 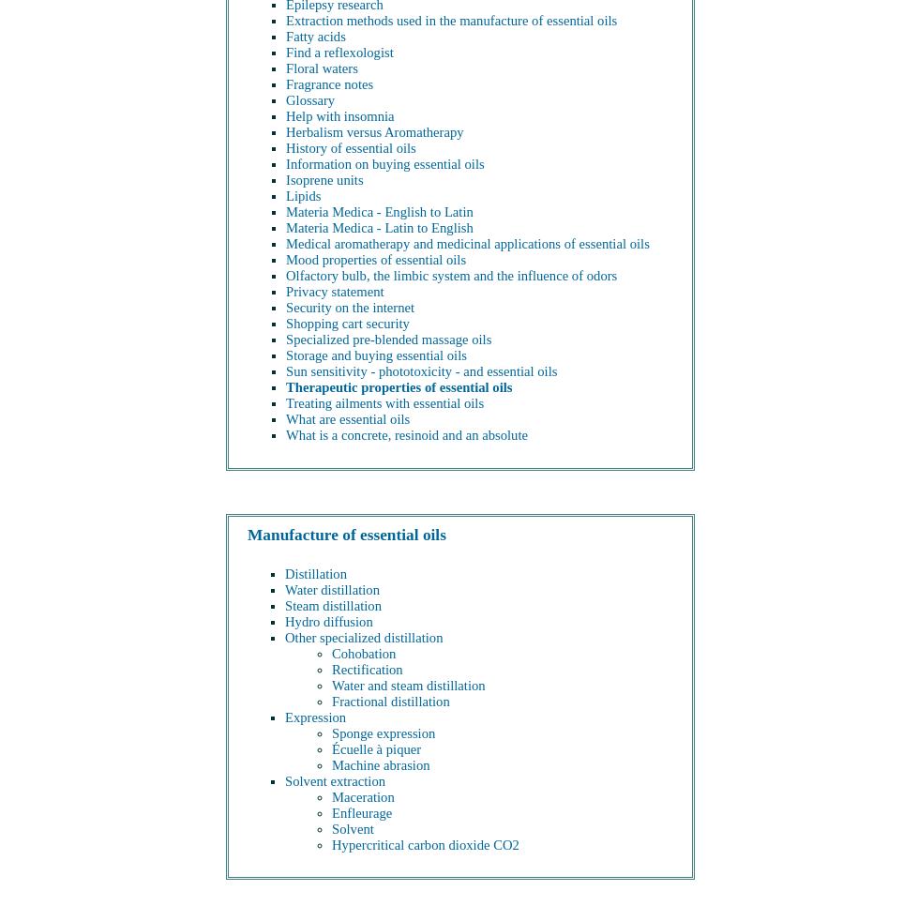 I want to click on 'Fatty acids', so click(x=315, y=35).